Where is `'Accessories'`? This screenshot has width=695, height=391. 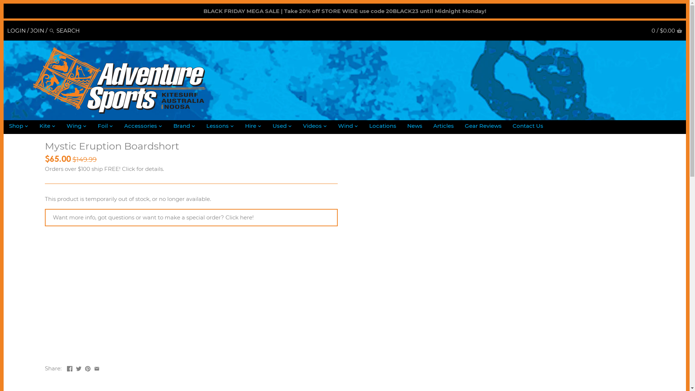 'Accessories' is located at coordinates (140, 127).